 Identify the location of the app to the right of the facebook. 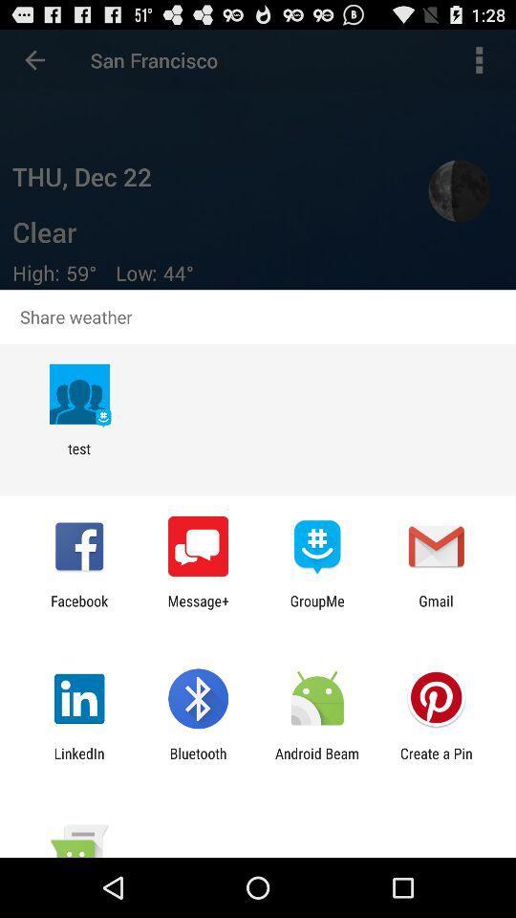
(197, 608).